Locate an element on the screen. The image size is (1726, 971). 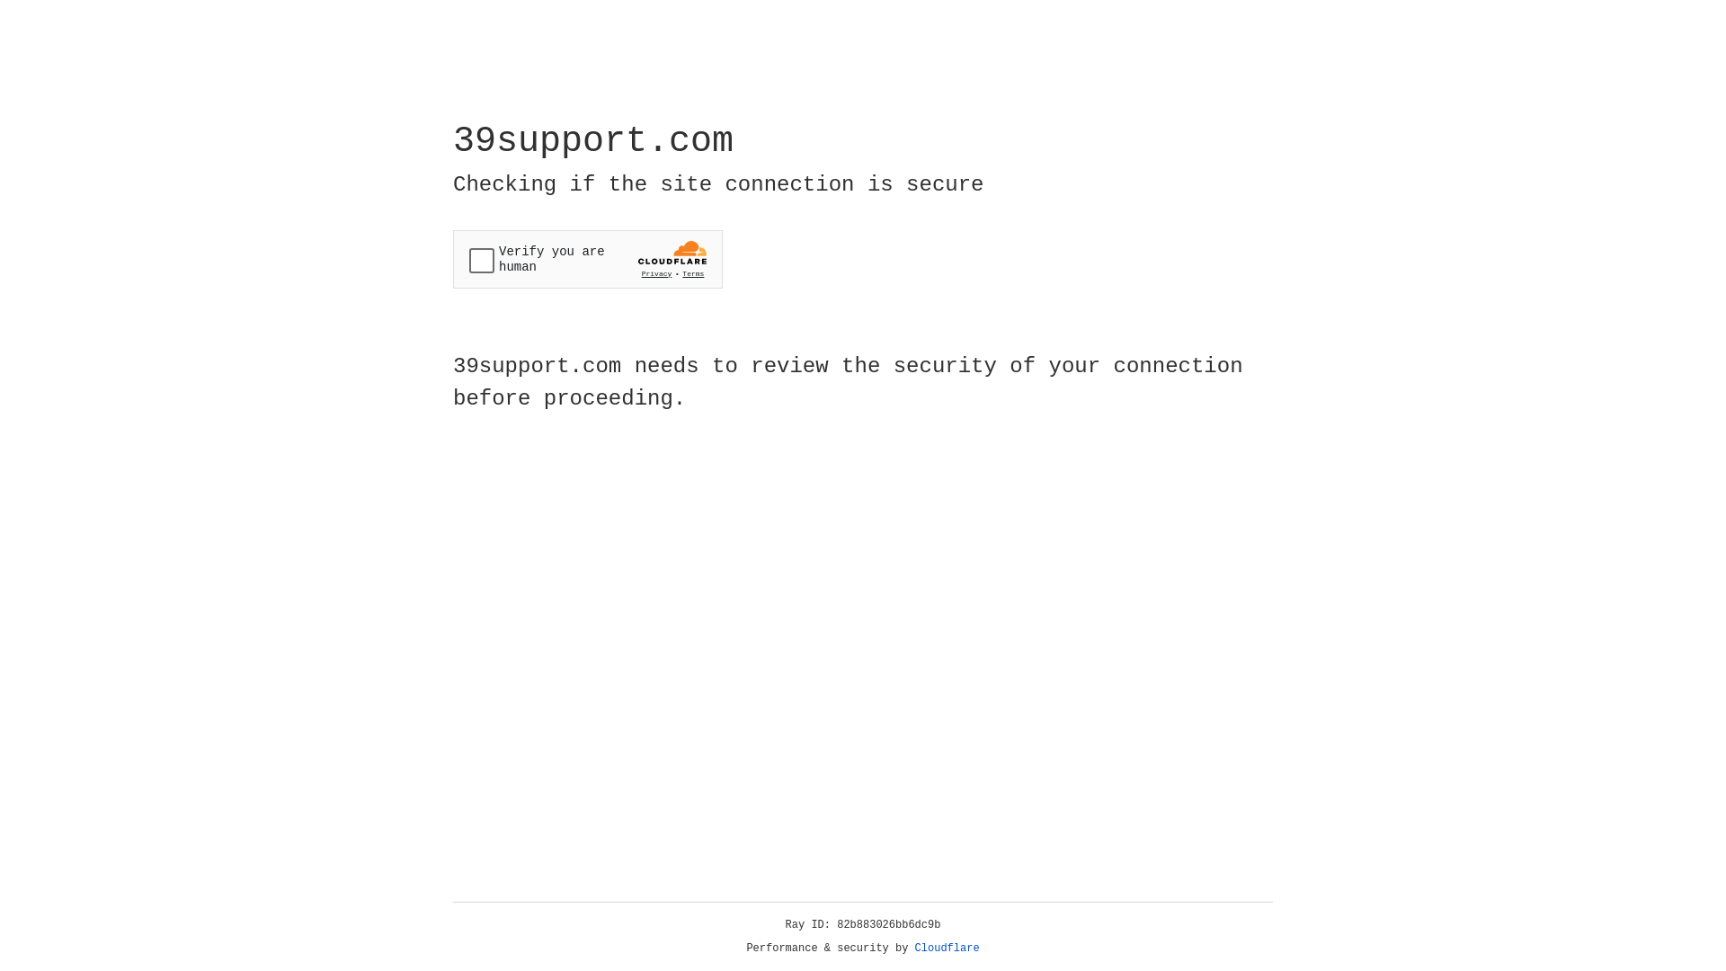
'Cloudflare' is located at coordinates (947, 948).